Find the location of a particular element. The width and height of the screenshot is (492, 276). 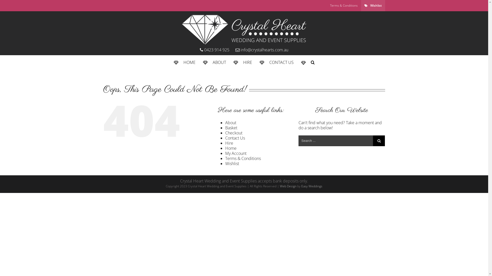

'Checkout' is located at coordinates (233, 133).